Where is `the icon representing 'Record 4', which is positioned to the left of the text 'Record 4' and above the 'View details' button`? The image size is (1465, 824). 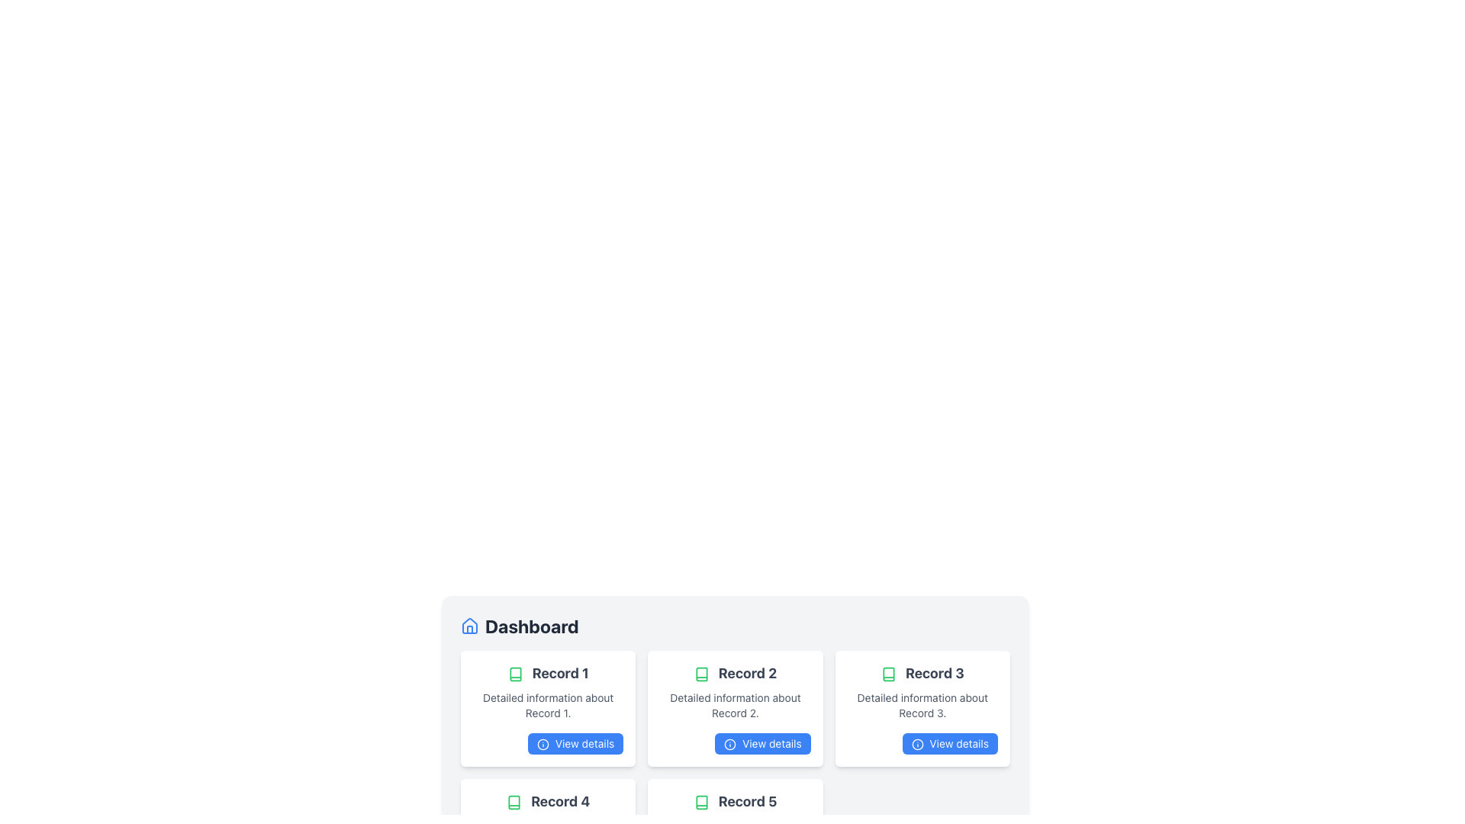 the icon representing 'Record 4', which is positioned to the left of the text 'Record 4' and above the 'View details' button is located at coordinates (514, 802).